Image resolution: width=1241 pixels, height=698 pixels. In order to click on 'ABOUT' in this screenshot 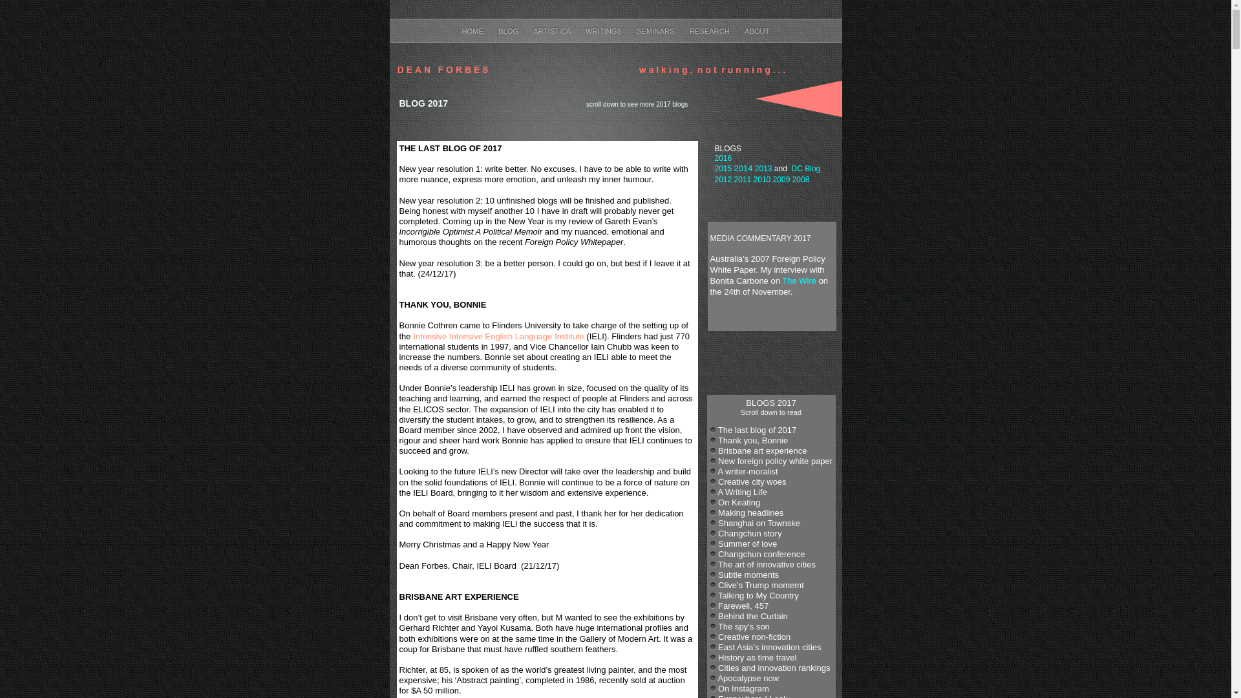, I will do `click(757, 30)`.